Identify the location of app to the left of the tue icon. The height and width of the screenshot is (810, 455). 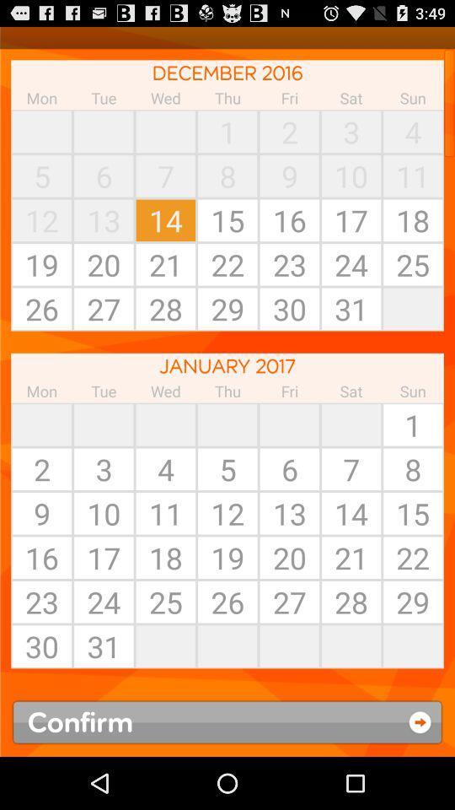
(41, 424).